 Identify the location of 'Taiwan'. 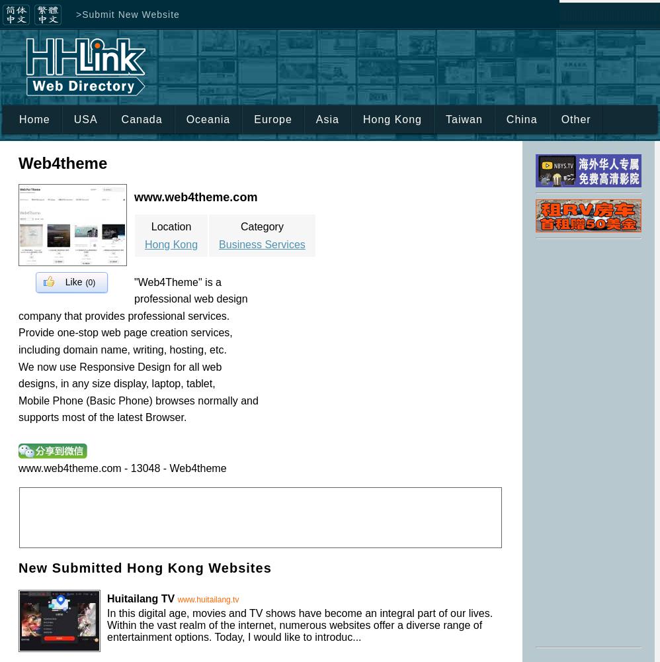
(445, 119).